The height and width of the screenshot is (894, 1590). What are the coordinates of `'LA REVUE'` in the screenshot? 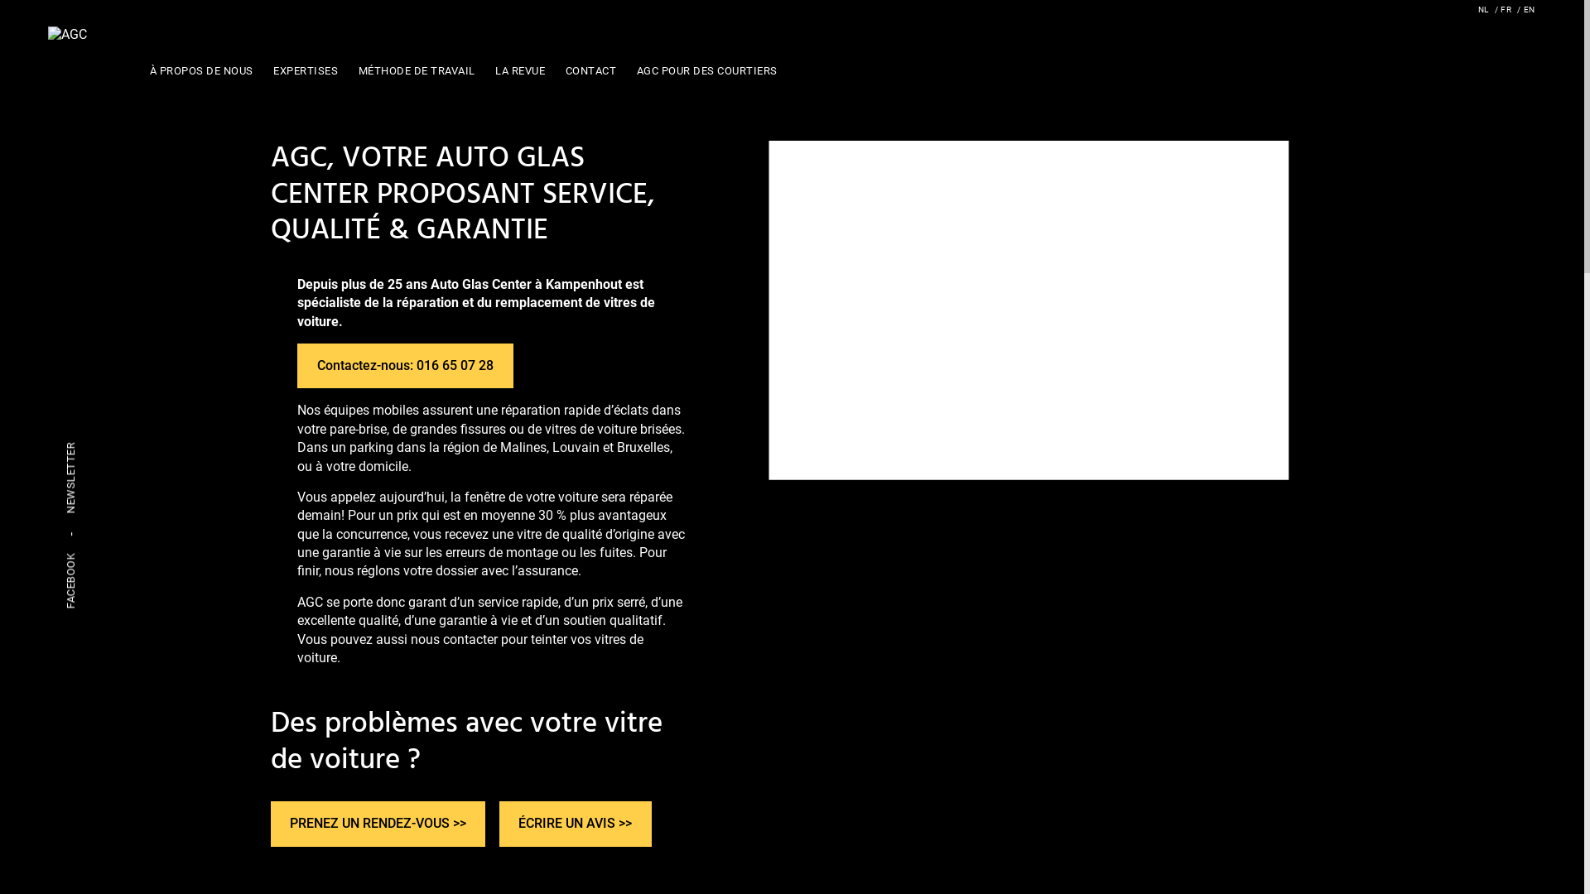 It's located at (519, 69).